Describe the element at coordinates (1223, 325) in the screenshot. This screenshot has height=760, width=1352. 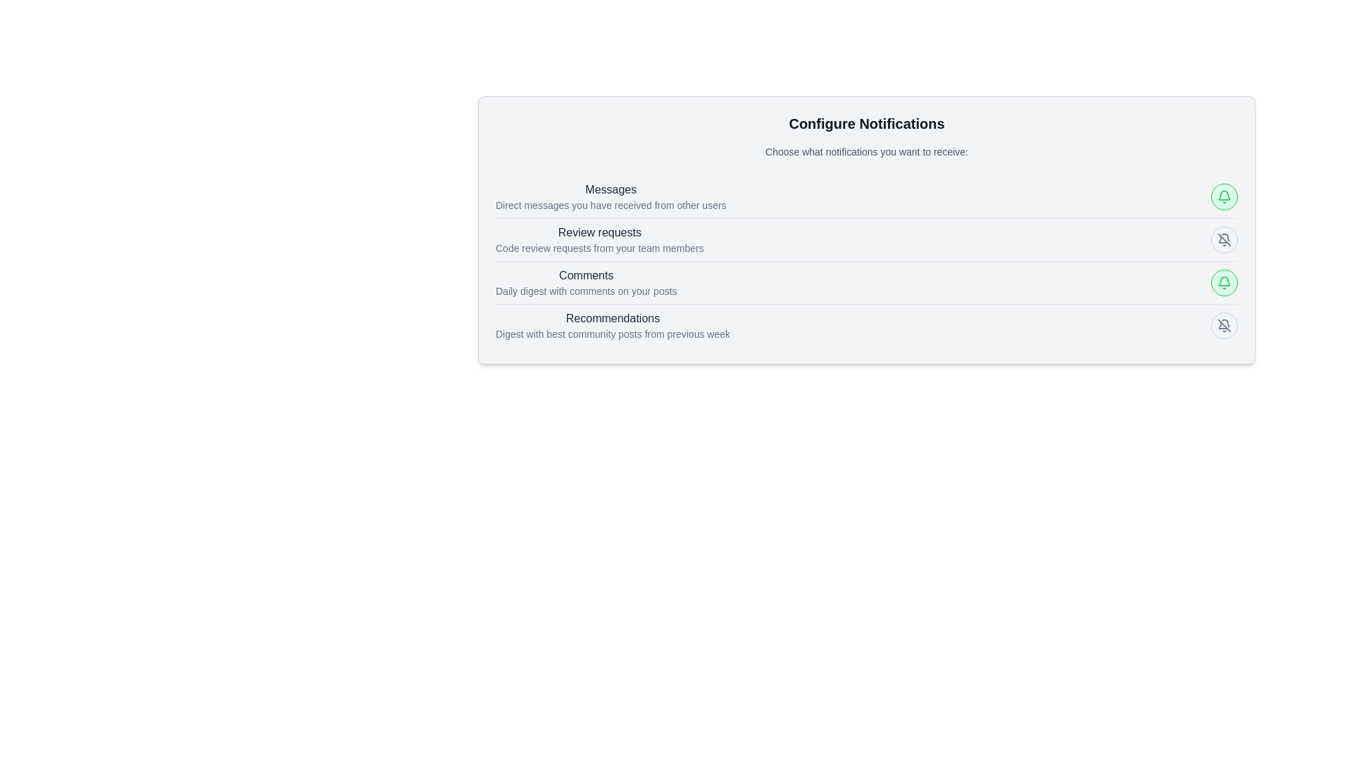
I see `the notification state icon, represented by the crossed bell icon` at that location.